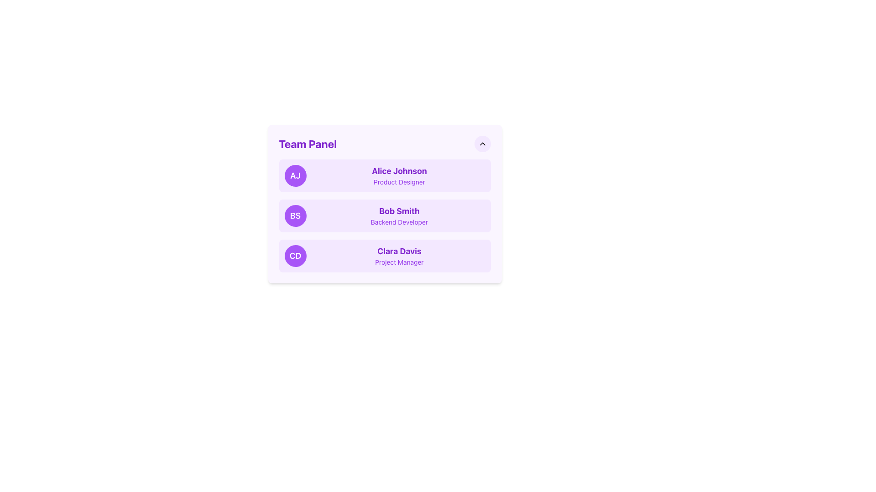  What do you see at coordinates (399, 171) in the screenshot?
I see `text content 'Alice Johnson' displayed in the first entry of the Team Panel, above the role 'Product Designer'` at bounding box center [399, 171].